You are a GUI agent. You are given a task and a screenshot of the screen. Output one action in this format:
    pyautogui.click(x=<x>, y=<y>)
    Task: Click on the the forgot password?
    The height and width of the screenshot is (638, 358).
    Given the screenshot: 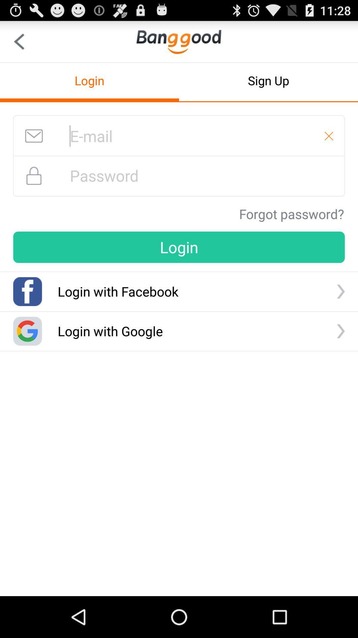 What is the action you would take?
    pyautogui.click(x=291, y=214)
    